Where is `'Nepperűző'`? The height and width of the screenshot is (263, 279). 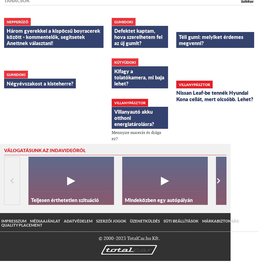
'Nepperűző' is located at coordinates (17, 21).